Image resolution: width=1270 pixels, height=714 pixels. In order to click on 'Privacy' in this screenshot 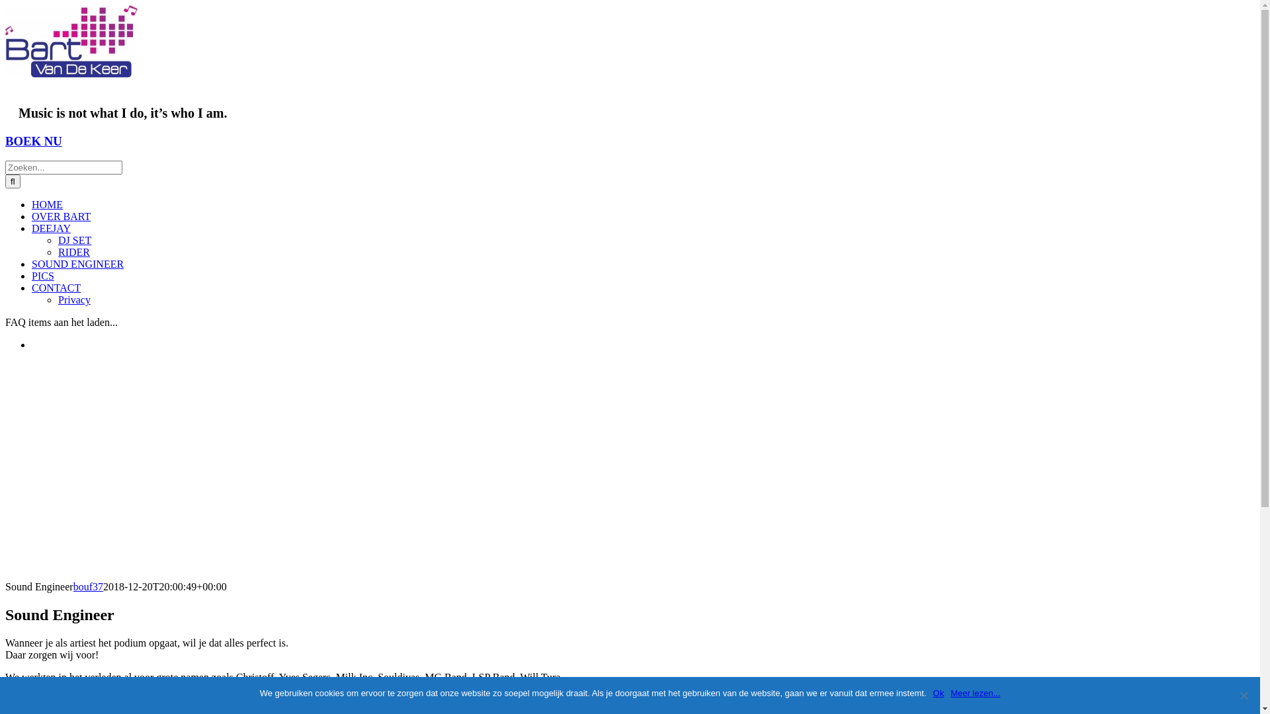, I will do `click(73, 299)`.